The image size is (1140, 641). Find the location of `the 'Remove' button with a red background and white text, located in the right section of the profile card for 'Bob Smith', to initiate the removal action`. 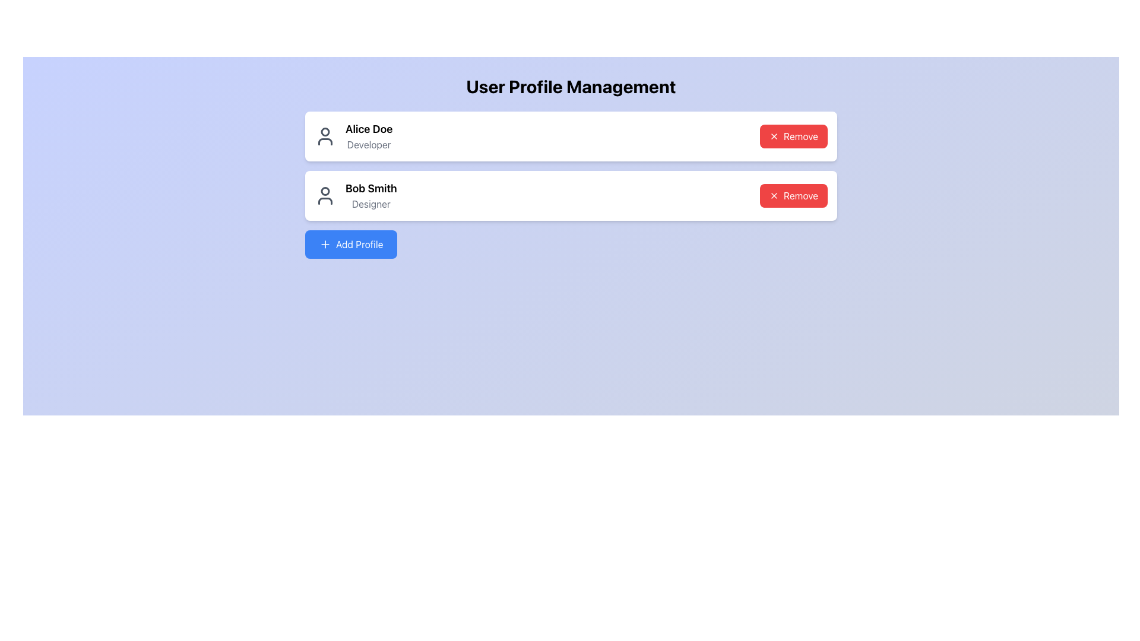

the 'Remove' button with a red background and white text, located in the right section of the profile card for 'Bob Smith', to initiate the removal action is located at coordinates (793, 195).